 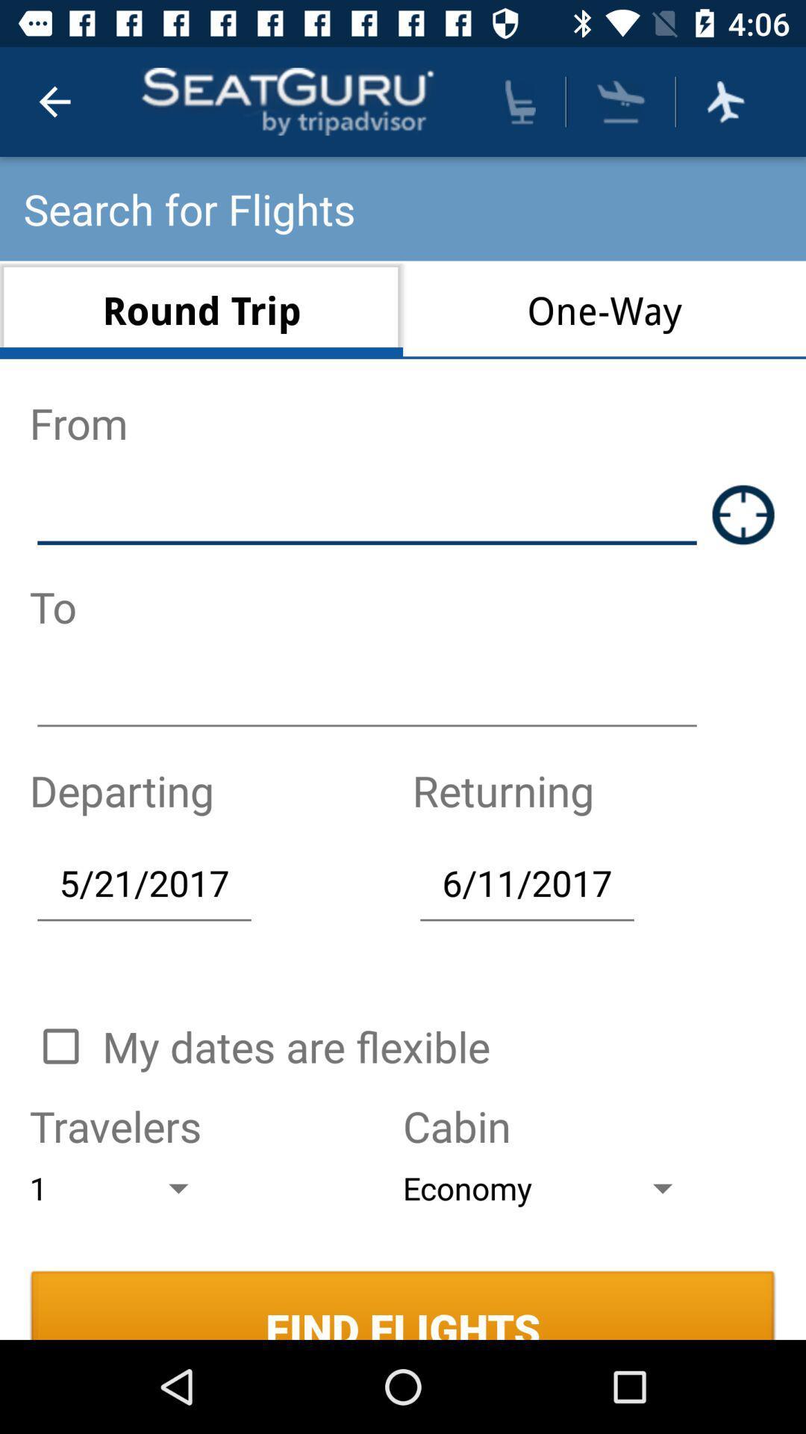 What do you see at coordinates (743, 515) in the screenshot?
I see `location` at bounding box center [743, 515].